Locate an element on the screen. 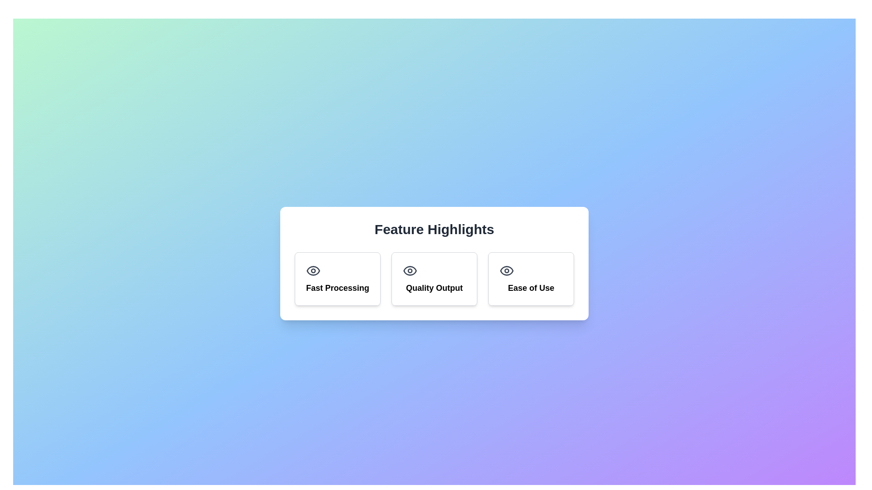 The width and height of the screenshot is (872, 490). the descriptive text label located at the bottom center of the rightmost card under 'Feature Highlights', which indicates the card's topic or feature focus is located at coordinates (531, 288).